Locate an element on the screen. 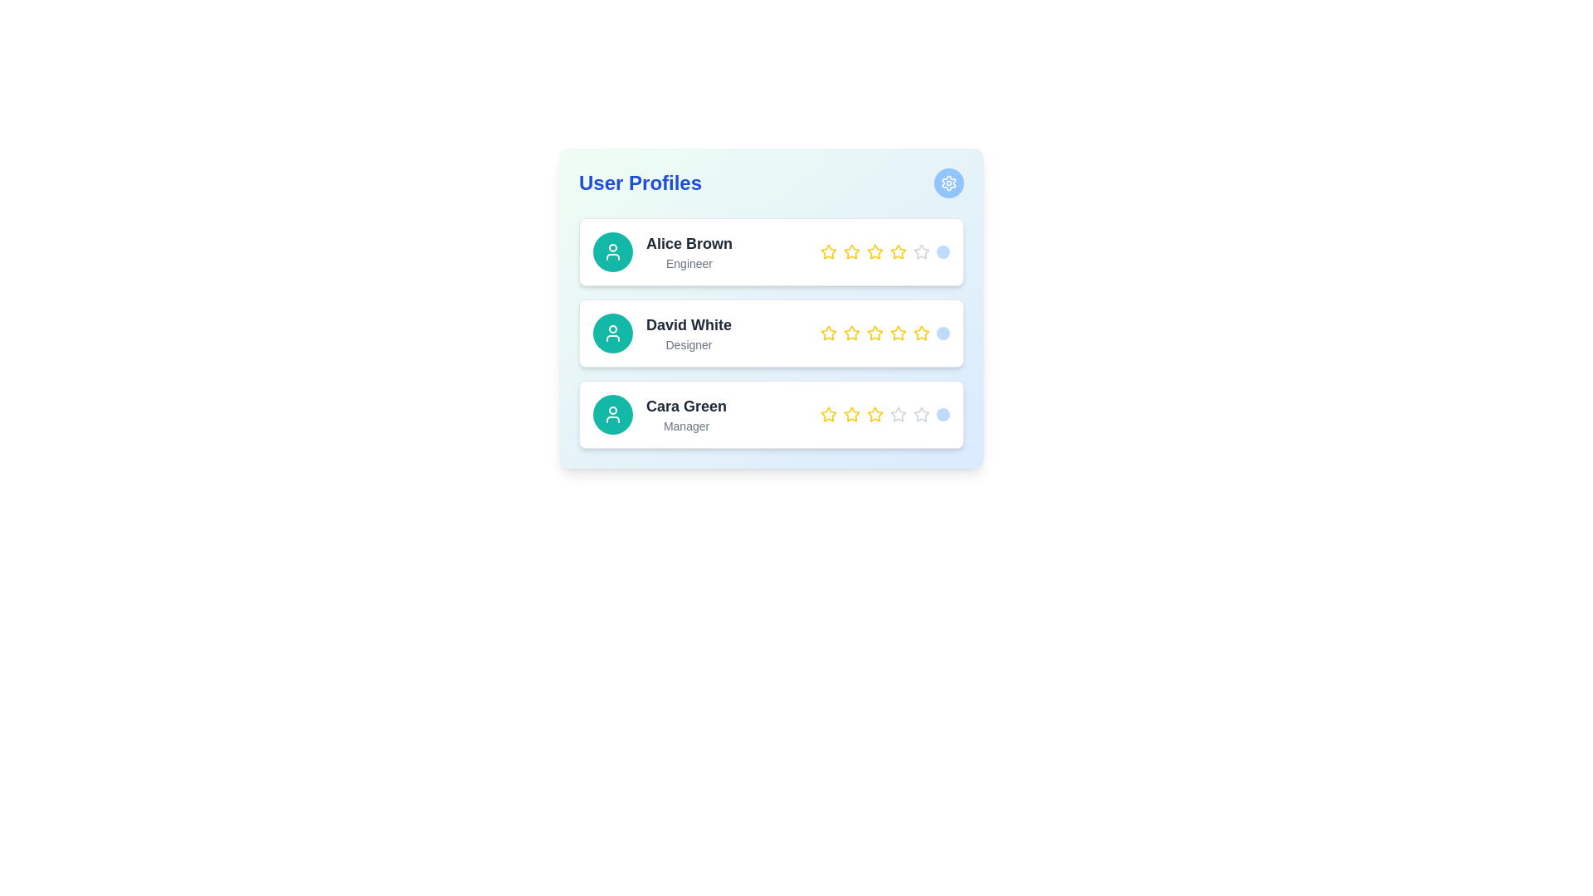 The image size is (1593, 896). the third star icon in the 'User Profiles' section is located at coordinates (852, 333).